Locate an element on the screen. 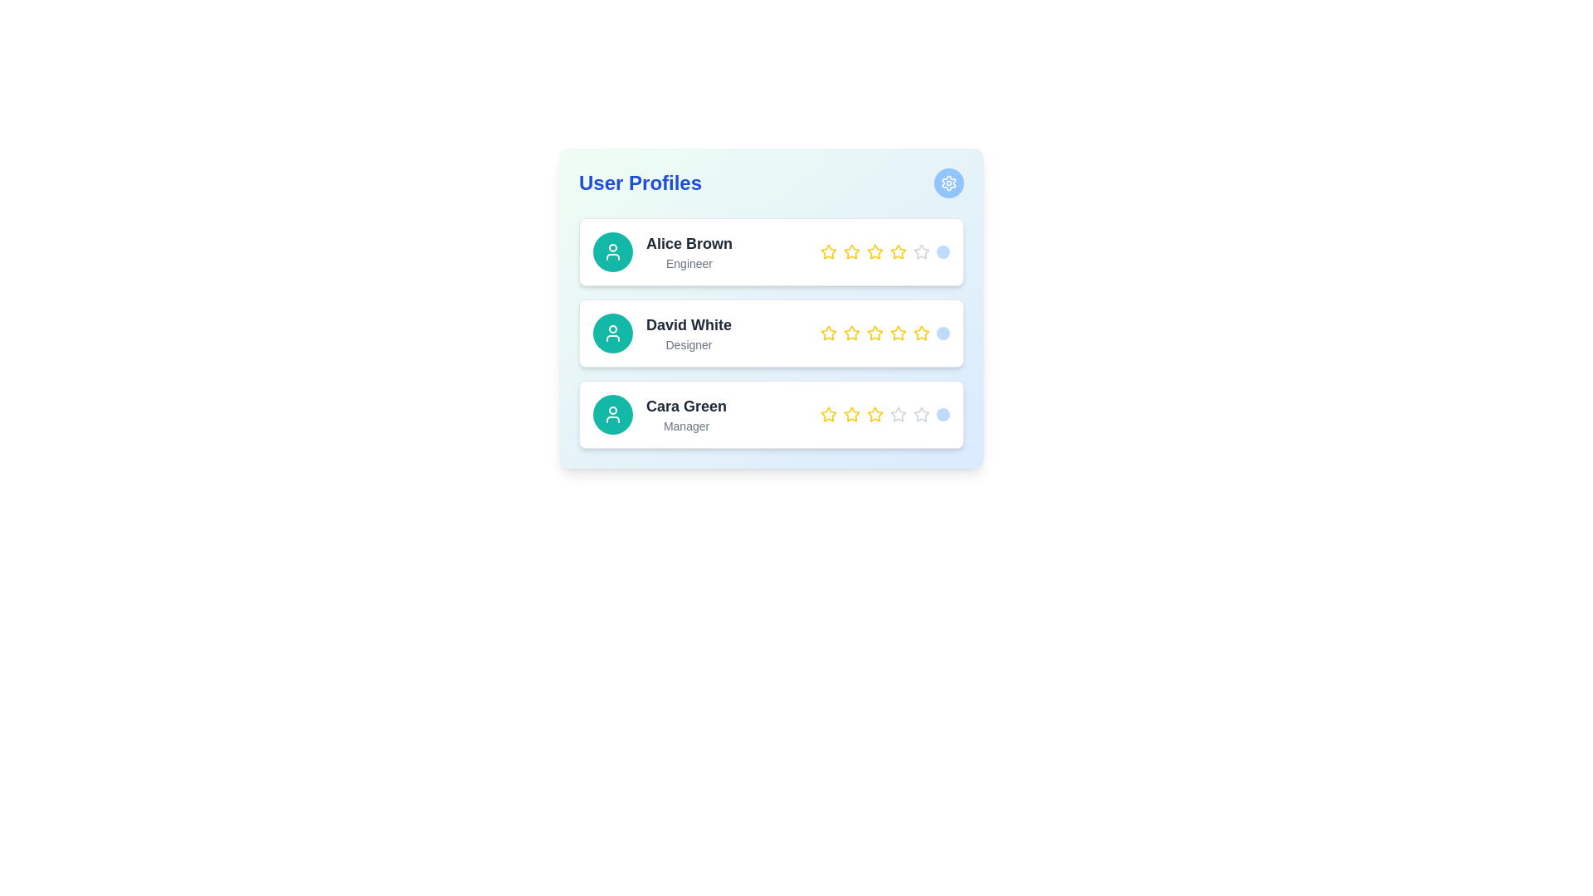 The image size is (1593, 896). the third star icon in the 'User Profiles' section is located at coordinates (852, 333).